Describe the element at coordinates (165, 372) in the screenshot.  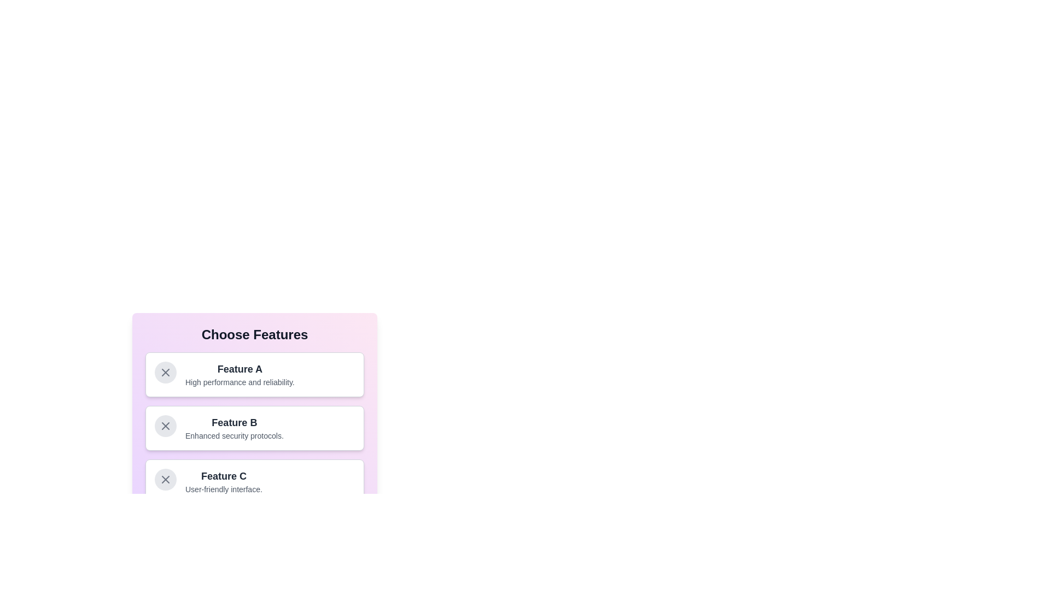
I see `the 'X' icon in the circular gray button located to the left of the label 'Feature A' on the topmost white card to deselect the feature` at that location.